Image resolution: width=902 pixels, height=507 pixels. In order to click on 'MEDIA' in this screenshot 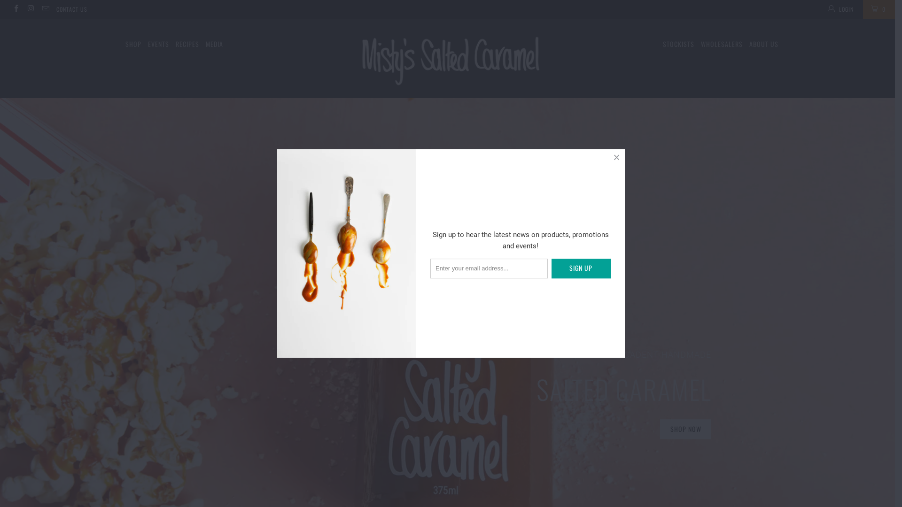, I will do `click(214, 44)`.